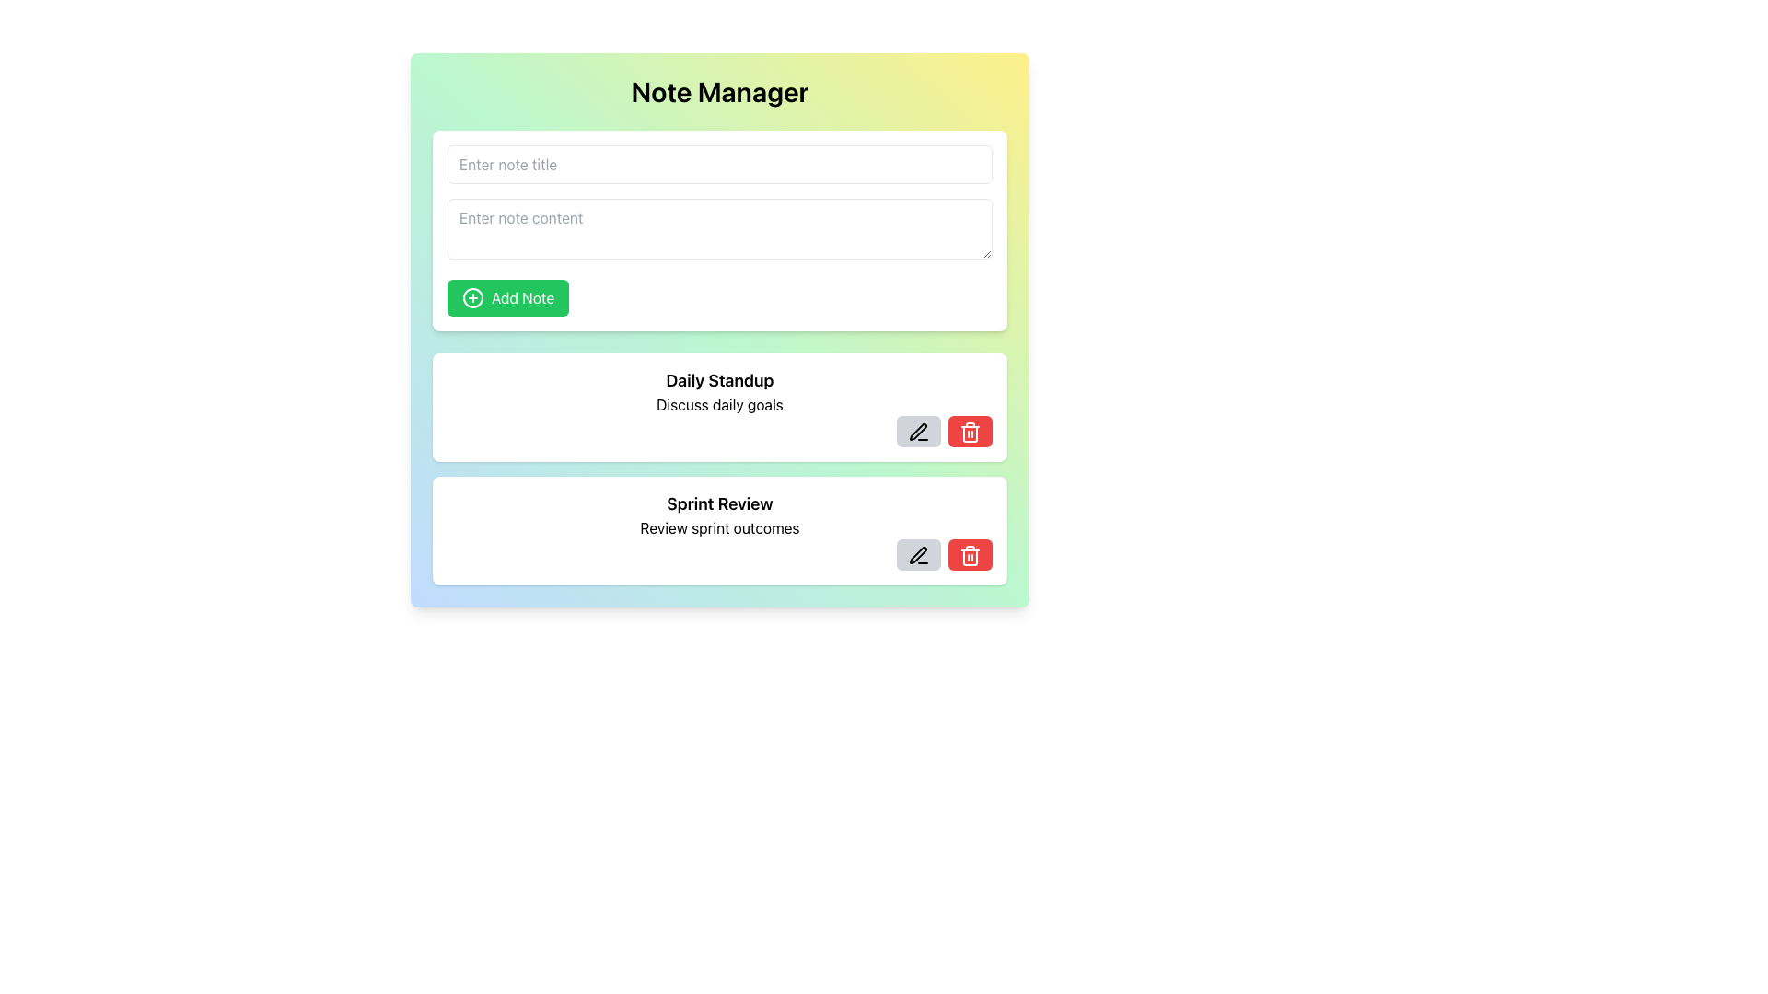  I want to click on the trash icon button with a red background located in the lower-right corner of the second list item, so click(970, 553).